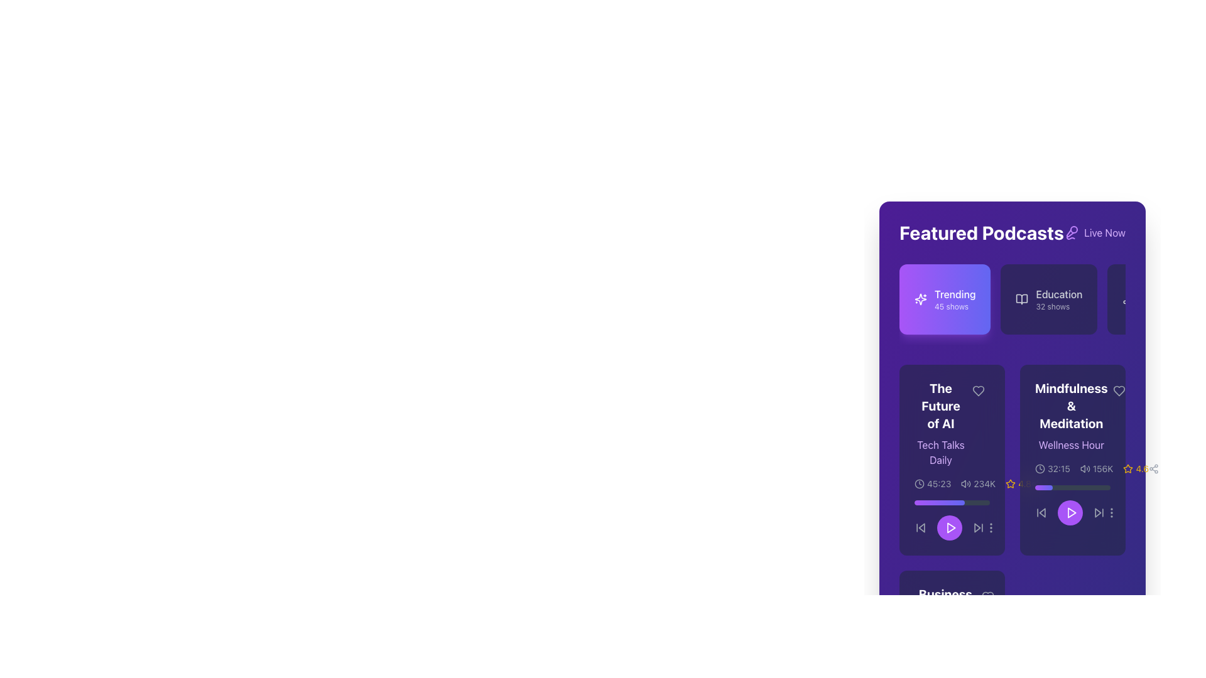 This screenshot has width=1206, height=678. Describe the element at coordinates (952, 527) in the screenshot. I see `the play/pause button located centrally in the playback controls below the title 'The Future of AI'` at that location.